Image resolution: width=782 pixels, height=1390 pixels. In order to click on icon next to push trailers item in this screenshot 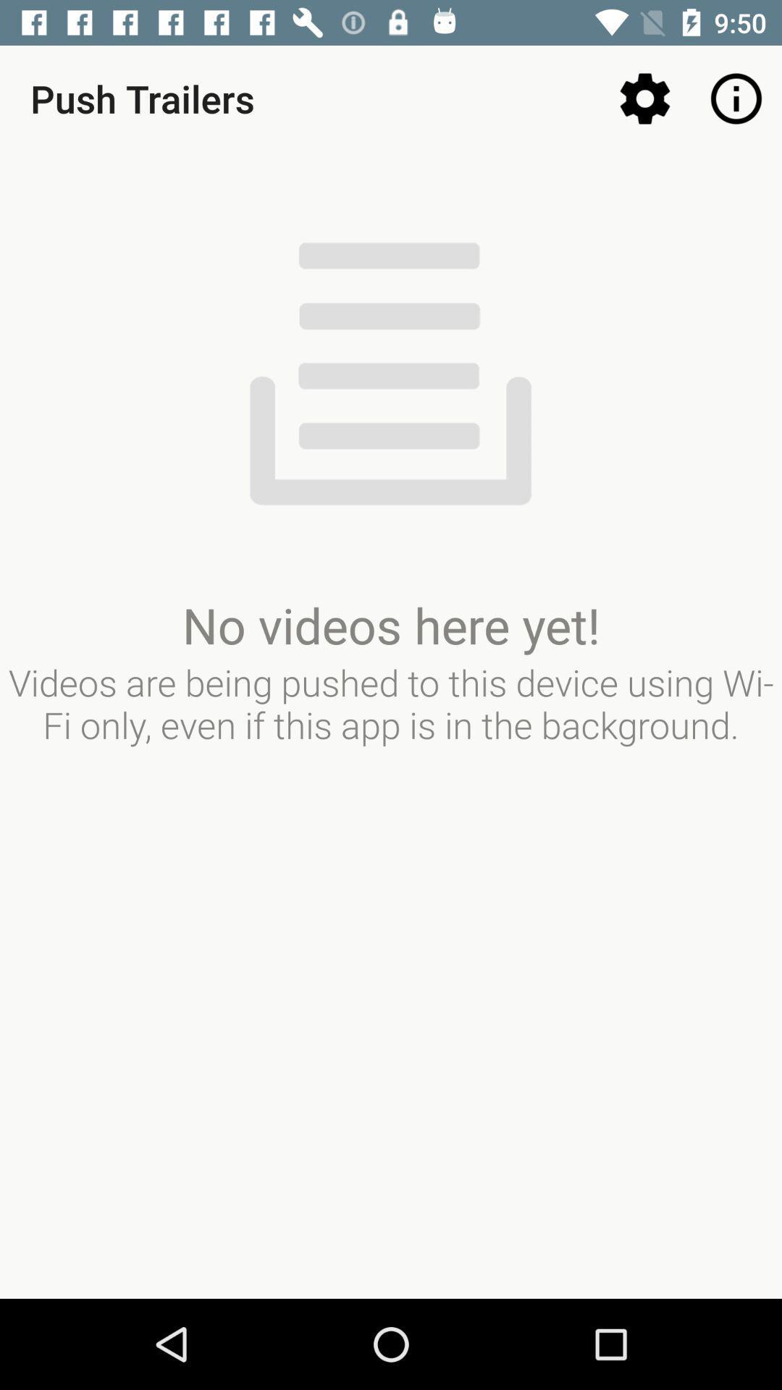, I will do `click(644, 98)`.